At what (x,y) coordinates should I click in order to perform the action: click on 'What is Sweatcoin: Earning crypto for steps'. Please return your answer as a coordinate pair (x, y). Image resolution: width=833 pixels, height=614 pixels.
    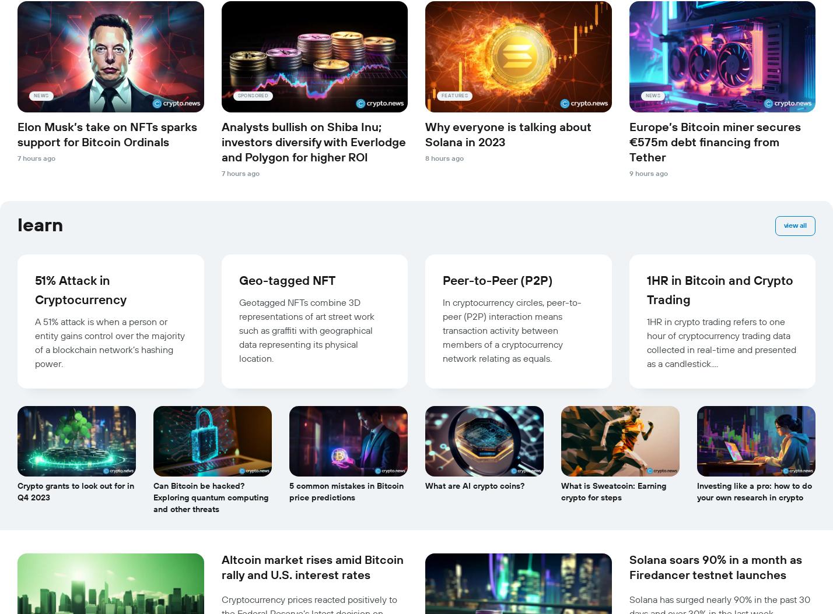
    Looking at the image, I should click on (614, 492).